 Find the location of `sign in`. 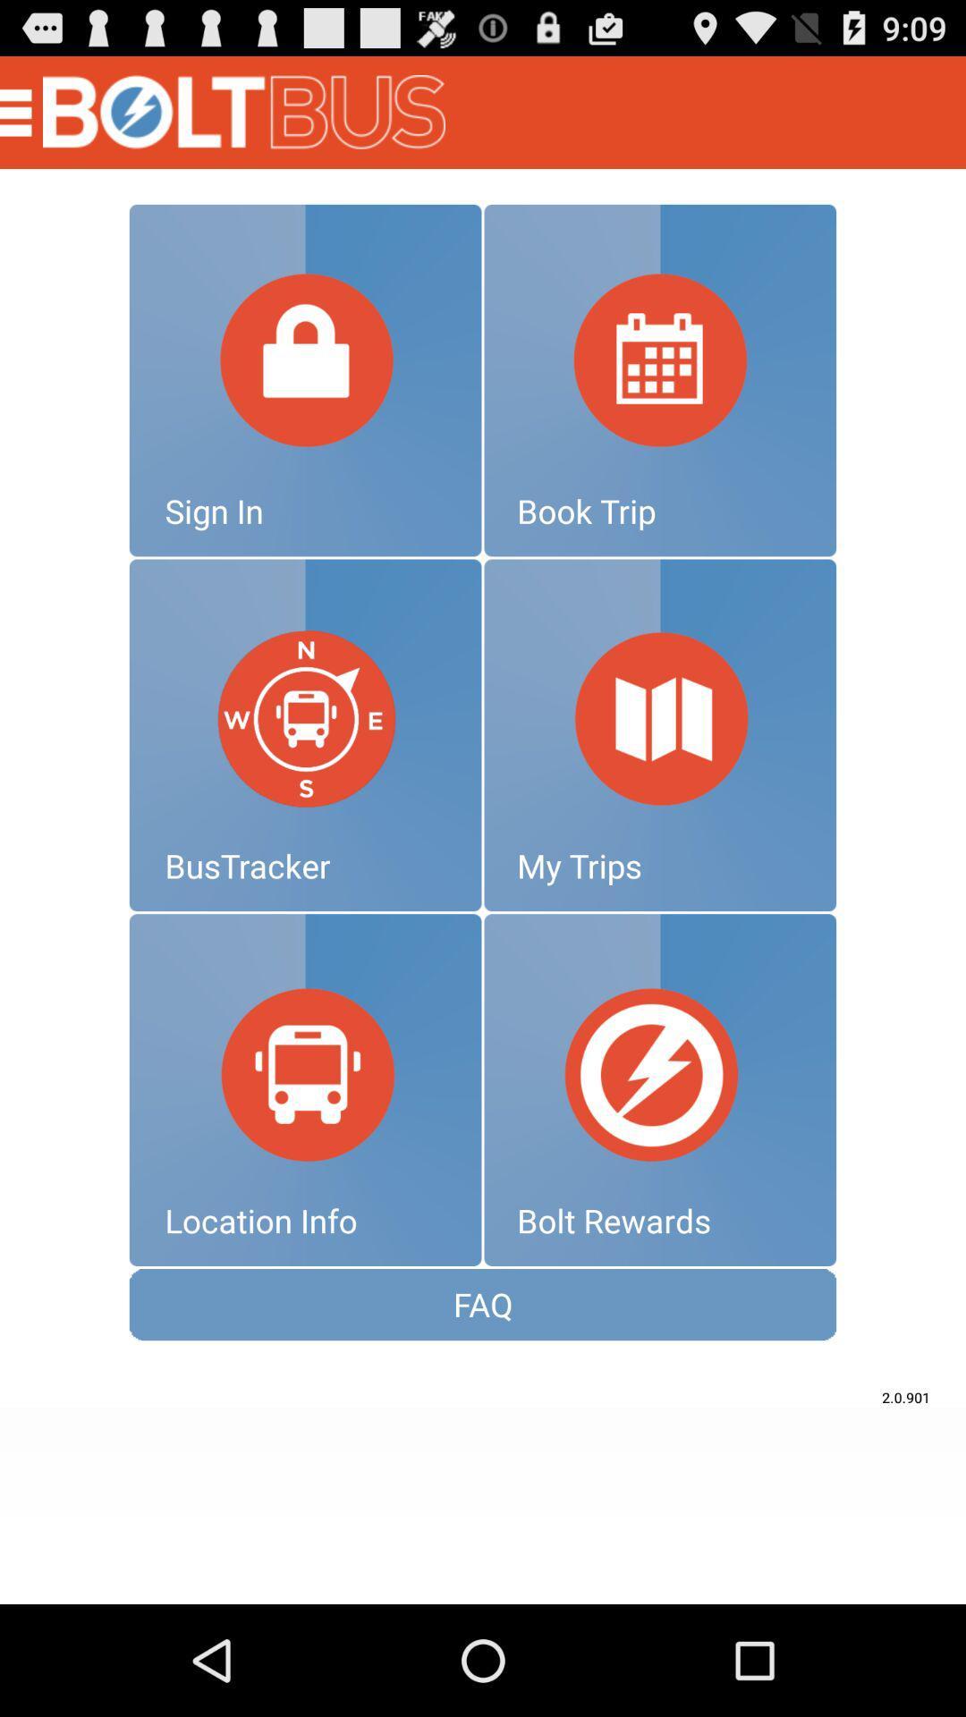

sign in is located at coordinates (304, 379).